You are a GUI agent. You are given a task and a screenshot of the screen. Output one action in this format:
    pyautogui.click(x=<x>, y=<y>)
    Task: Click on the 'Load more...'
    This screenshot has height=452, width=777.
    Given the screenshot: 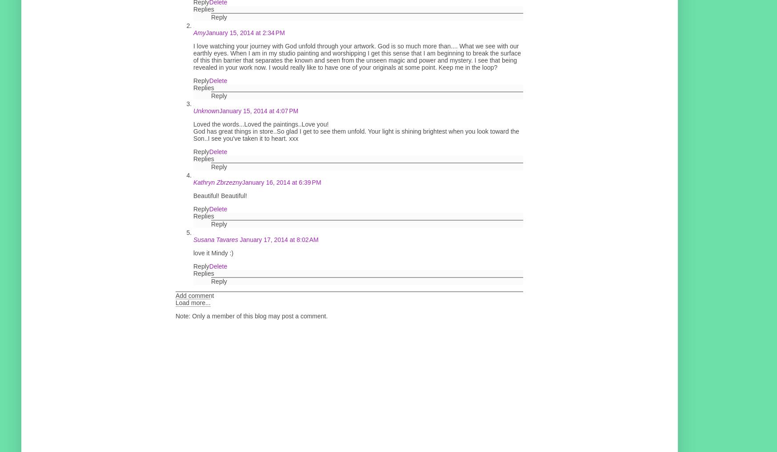 What is the action you would take?
    pyautogui.click(x=193, y=302)
    